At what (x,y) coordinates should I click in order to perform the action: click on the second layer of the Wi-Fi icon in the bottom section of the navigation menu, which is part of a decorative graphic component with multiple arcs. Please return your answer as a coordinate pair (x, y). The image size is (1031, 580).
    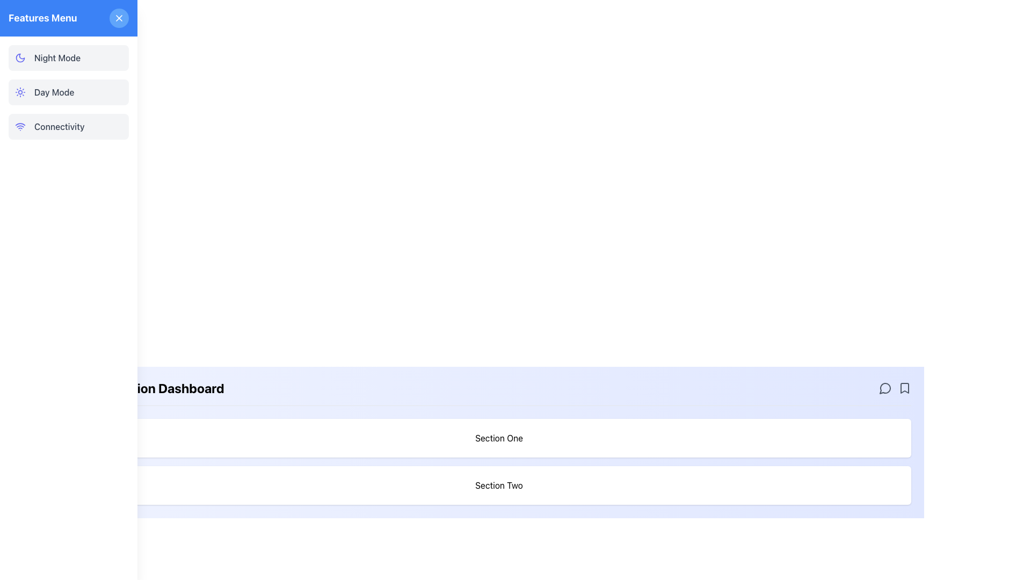
    Looking at the image, I should click on (20, 124).